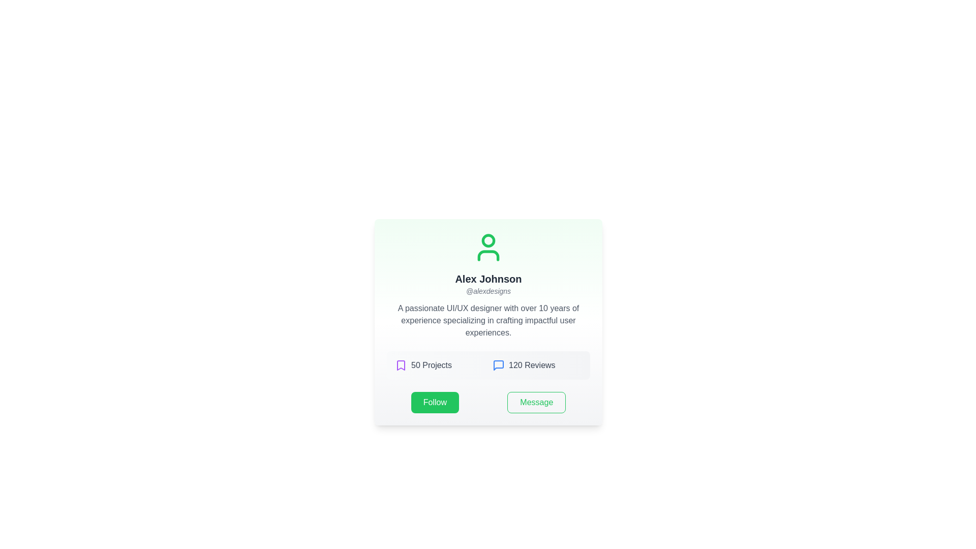  What do you see at coordinates (531, 364) in the screenshot?
I see `the Text label that displays the number of reviews associated with the user or entity, located slightly to the right of center in the user profile card and to the right of a blue chat icon` at bounding box center [531, 364].